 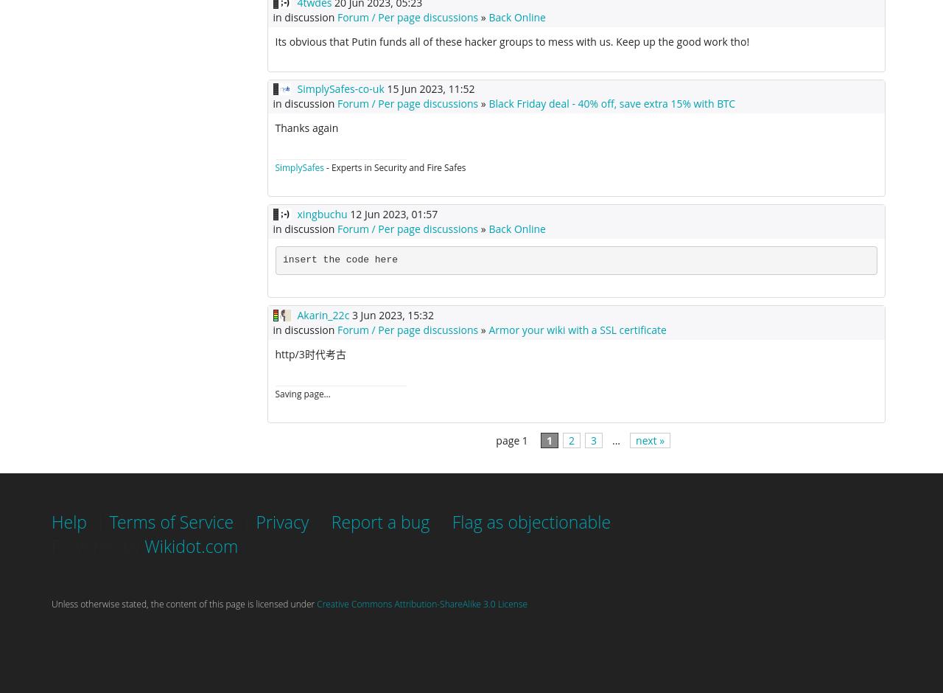 I want to click on 'http/3时代考古', so click(x=309, y=353).